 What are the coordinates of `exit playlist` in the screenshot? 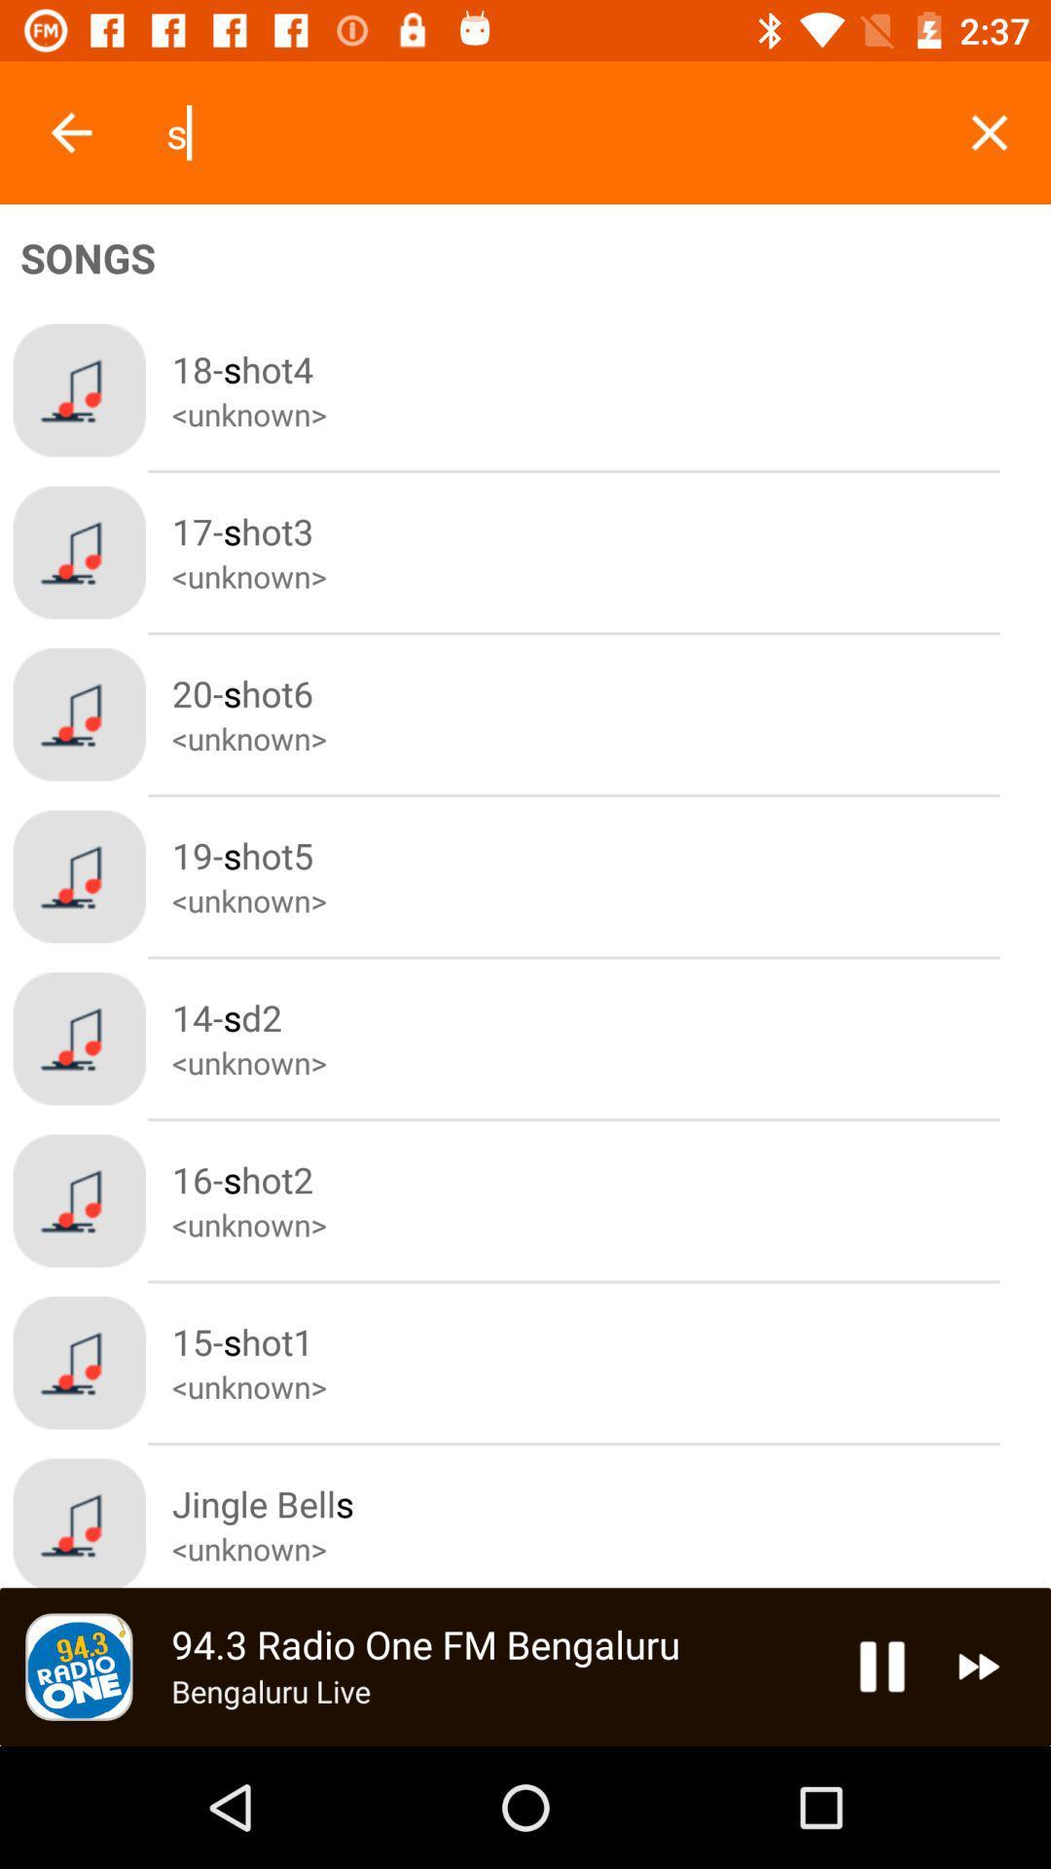 It's located at (990, 131).